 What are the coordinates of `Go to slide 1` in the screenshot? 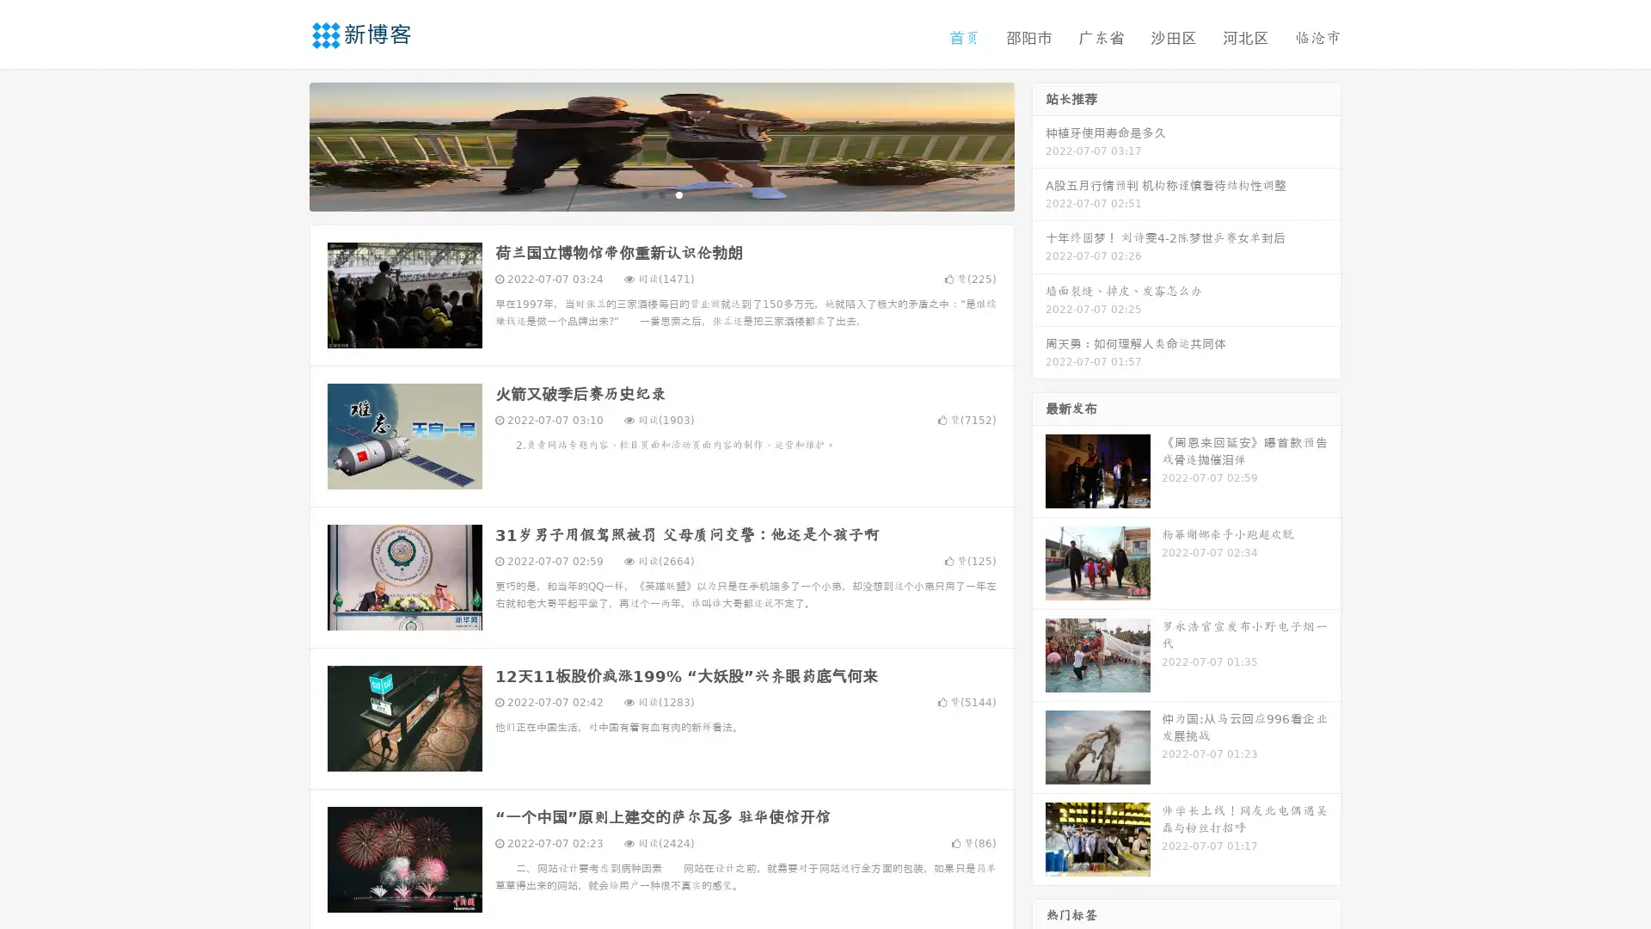 It's located at (643, 194).